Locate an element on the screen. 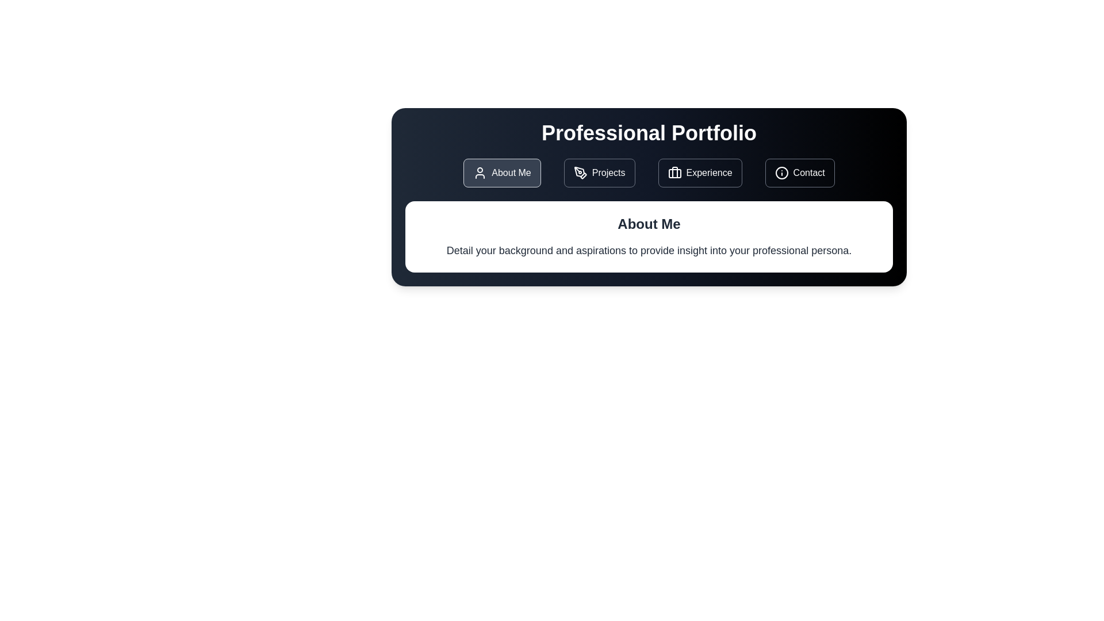 This screenshot has width=1104, height=621. the icon located within the 'Projects' button in the navigation bar, which serves as a visual cue for the button's purpose is located at coordinates (580, 172).